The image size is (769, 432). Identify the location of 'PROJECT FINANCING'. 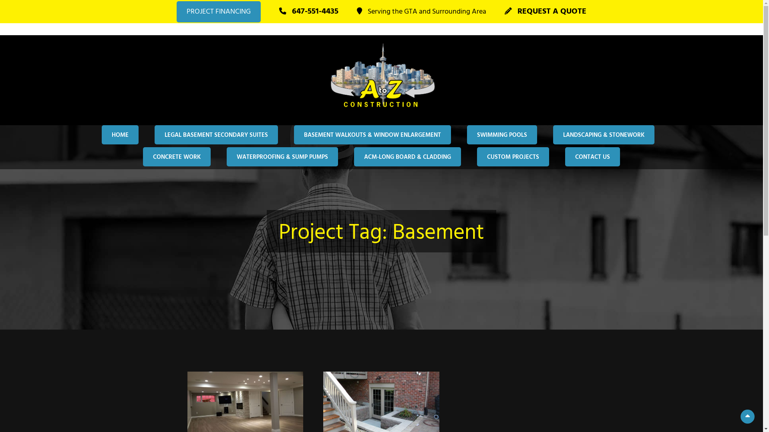
(219, 12).